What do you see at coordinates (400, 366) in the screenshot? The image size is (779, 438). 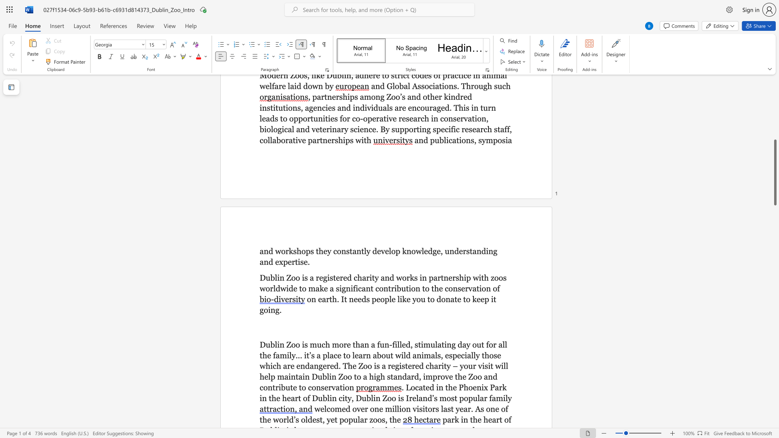 I see `the 6th character "i" in the text` at bounding box center [400, 366].